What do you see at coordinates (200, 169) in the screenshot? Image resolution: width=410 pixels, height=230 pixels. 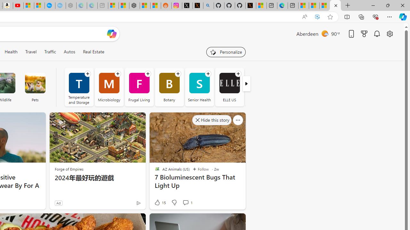 I see `'Follow'` at bounding box center [200, 169].